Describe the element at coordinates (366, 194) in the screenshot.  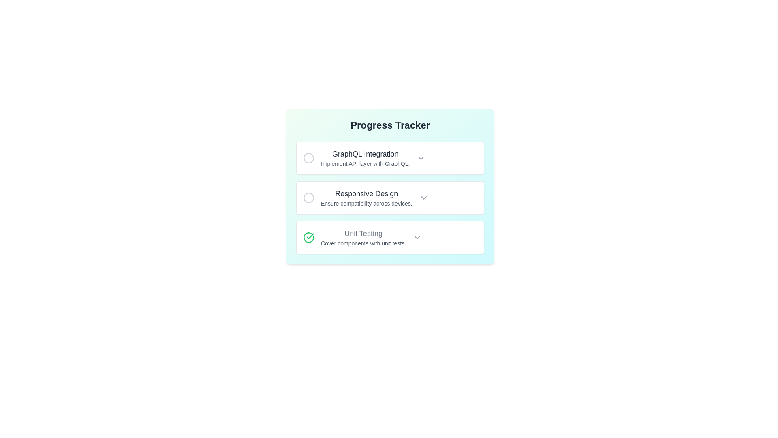
I see `the upper text line of the 'Progress Tracker' list, which serves as the title or main description for its corresponding list item` at that location.